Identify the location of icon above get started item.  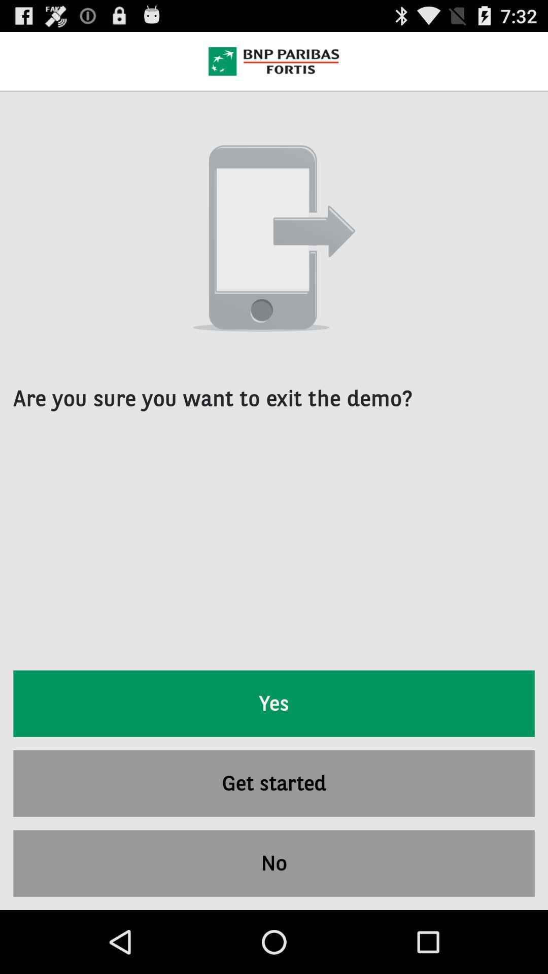
(274, 703).